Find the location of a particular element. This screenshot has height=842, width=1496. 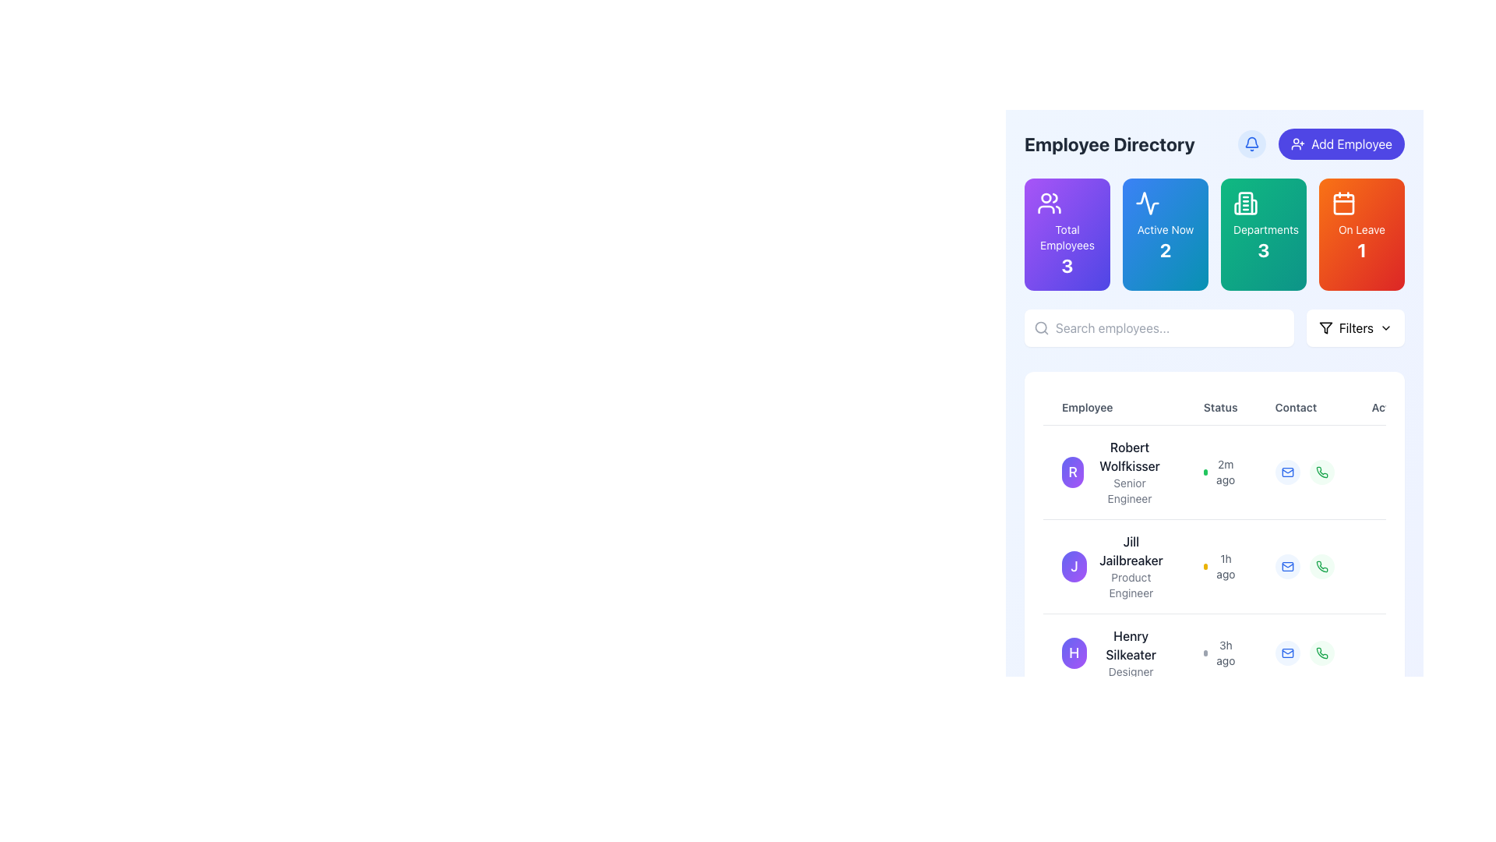

the Status indicator with timestamp for employee 'Robert Wolfkisser', which shows the last activity status and a green dot indicating active status is located at coordinates (1219, 471).